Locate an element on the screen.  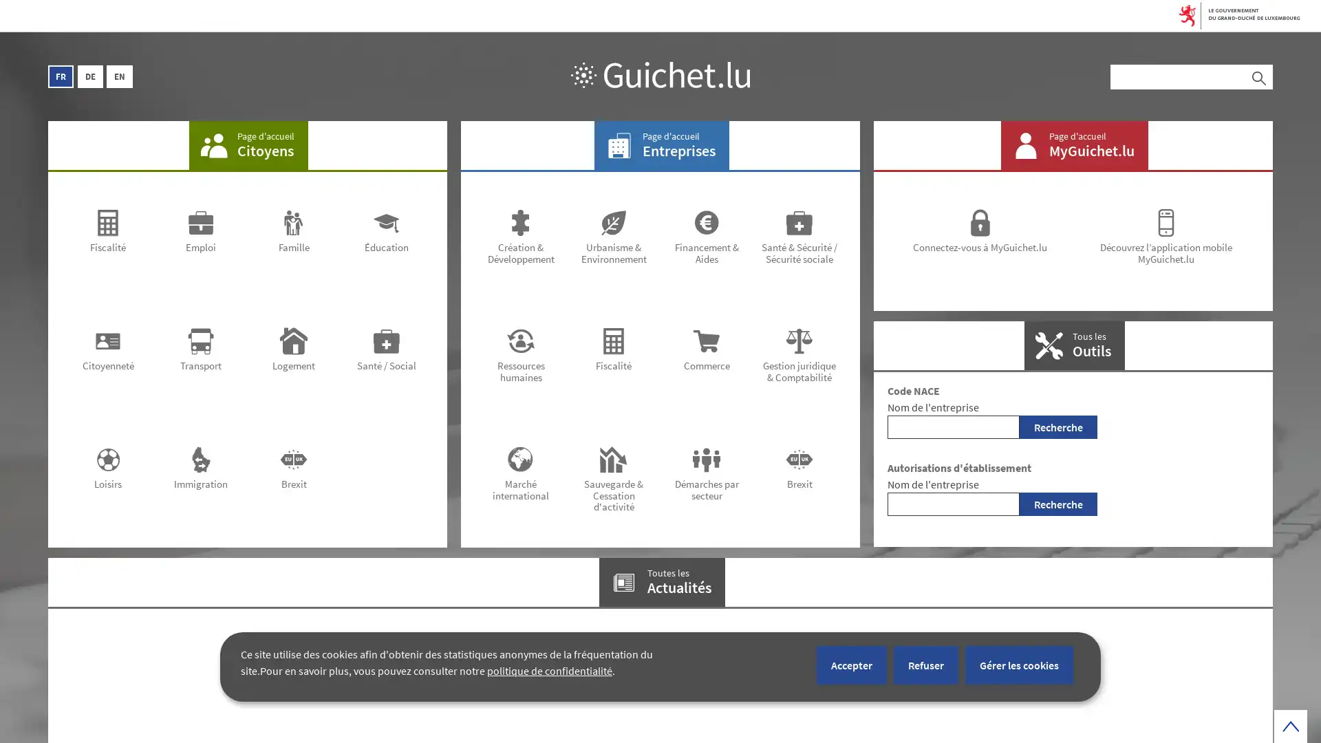
Rechercher is located at coordinates (1258, 76).